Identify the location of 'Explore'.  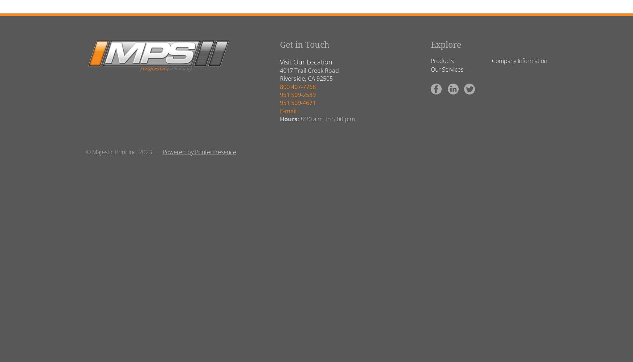
(446, 44).